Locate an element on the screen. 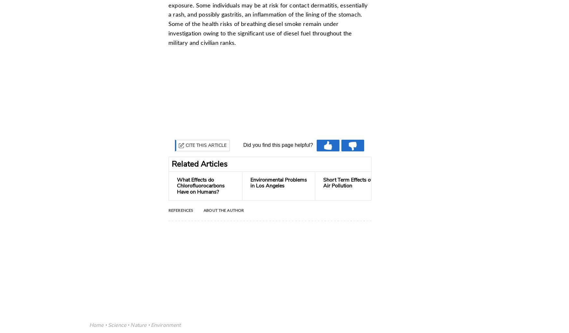 Image resolution: width=569 pixels, height=333 pixels. 'Cite this Article' is located at coordinates (206, 145).